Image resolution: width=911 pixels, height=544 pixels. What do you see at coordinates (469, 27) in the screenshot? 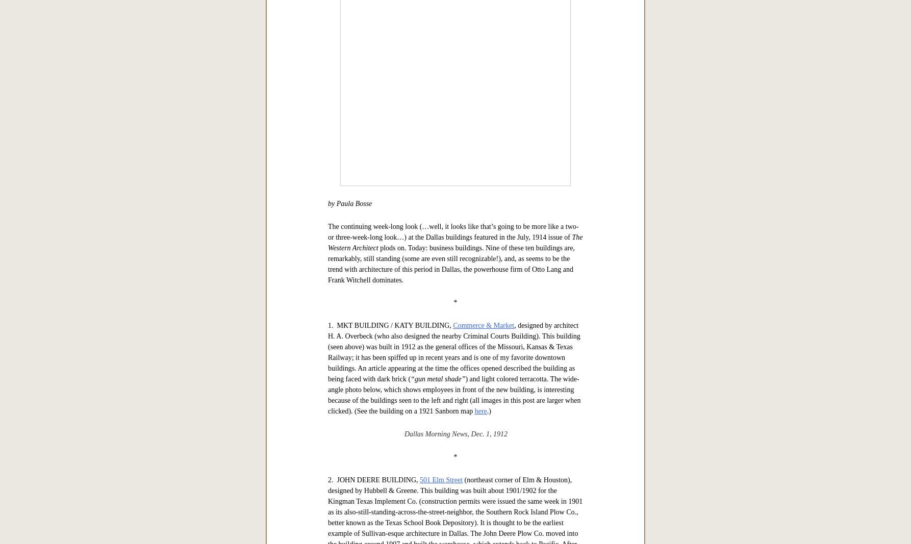
I see `'here'` at bounding box center [469, 27].